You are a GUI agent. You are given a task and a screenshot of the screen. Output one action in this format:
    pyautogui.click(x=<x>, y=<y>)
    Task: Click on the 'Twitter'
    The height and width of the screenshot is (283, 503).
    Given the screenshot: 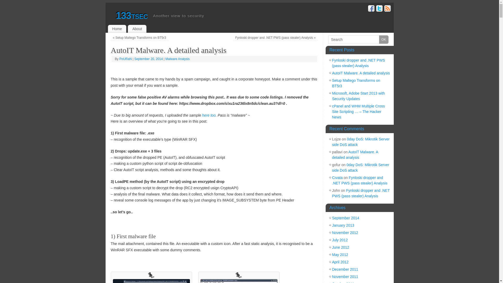 What is the action you would take?
    pyautogui.click(x=376, y=9)
    